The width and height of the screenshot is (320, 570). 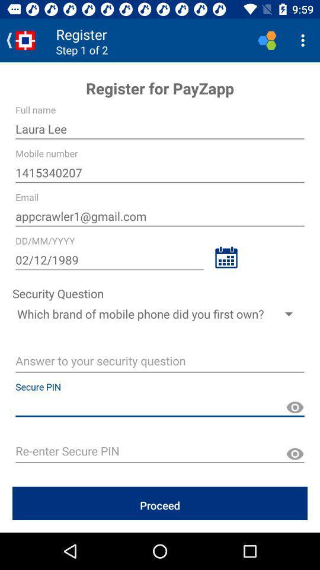 I want to click on show pin, so click(x=294, y=454).